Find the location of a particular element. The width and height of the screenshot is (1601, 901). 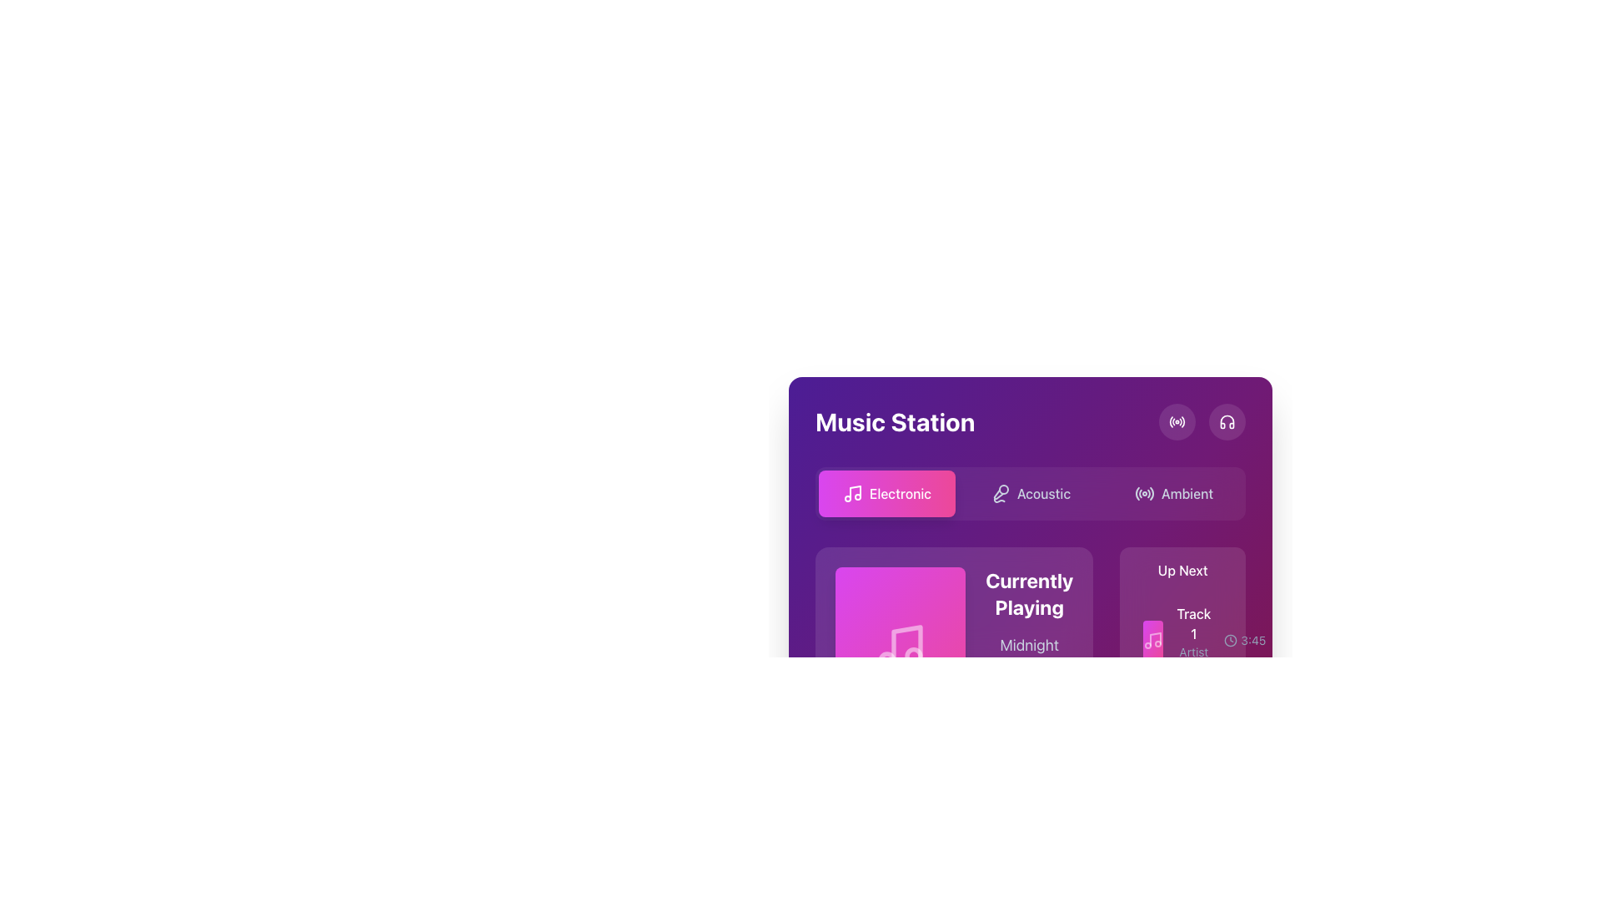

the headphone icon button located at the top-right corner of the music application interface for additional options is located at coordinates (1227, 420).